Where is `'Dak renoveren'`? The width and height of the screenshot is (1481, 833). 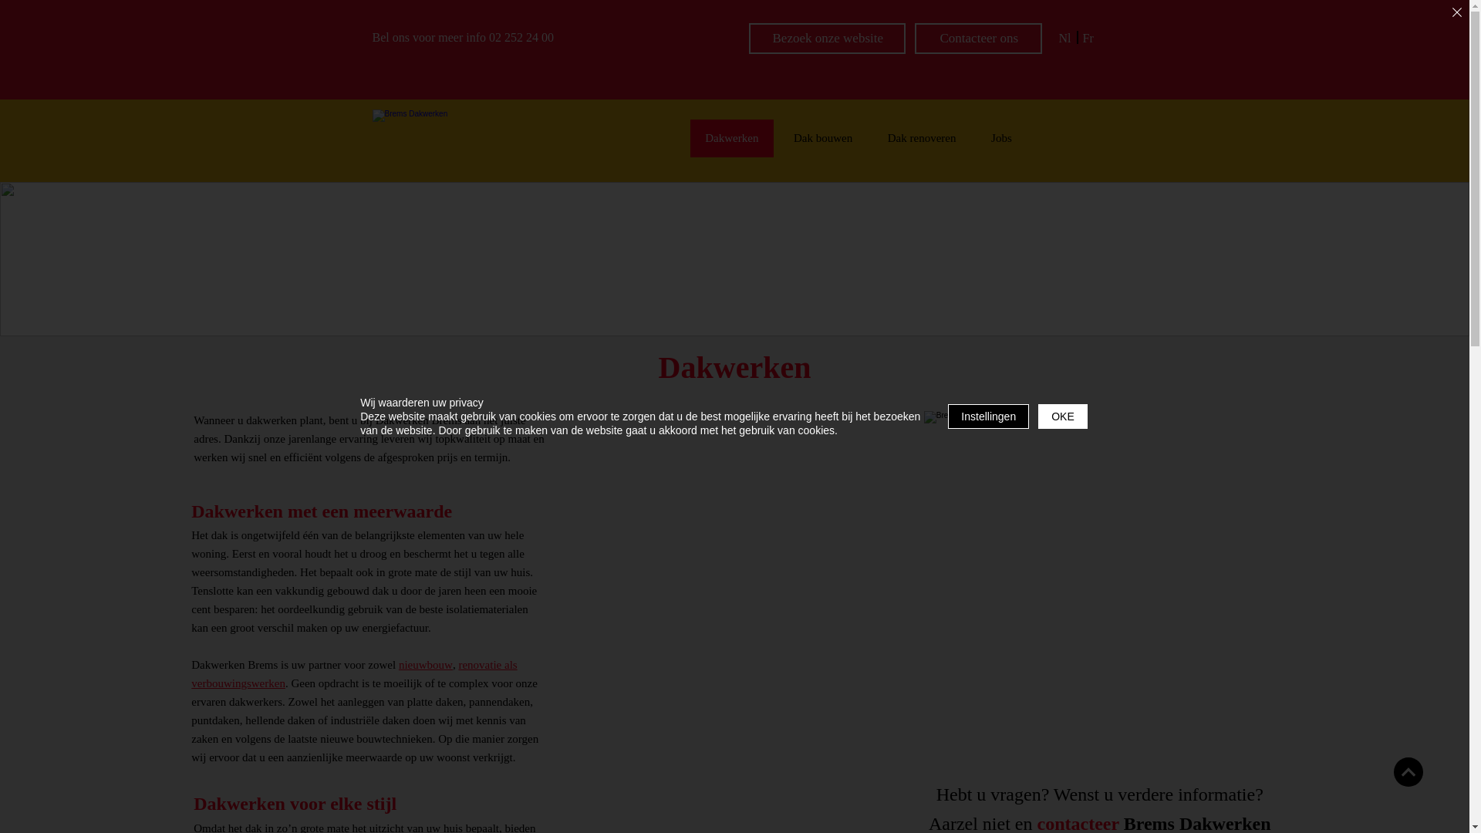
'Dak renoveren' is located at coordinates (922, 137).